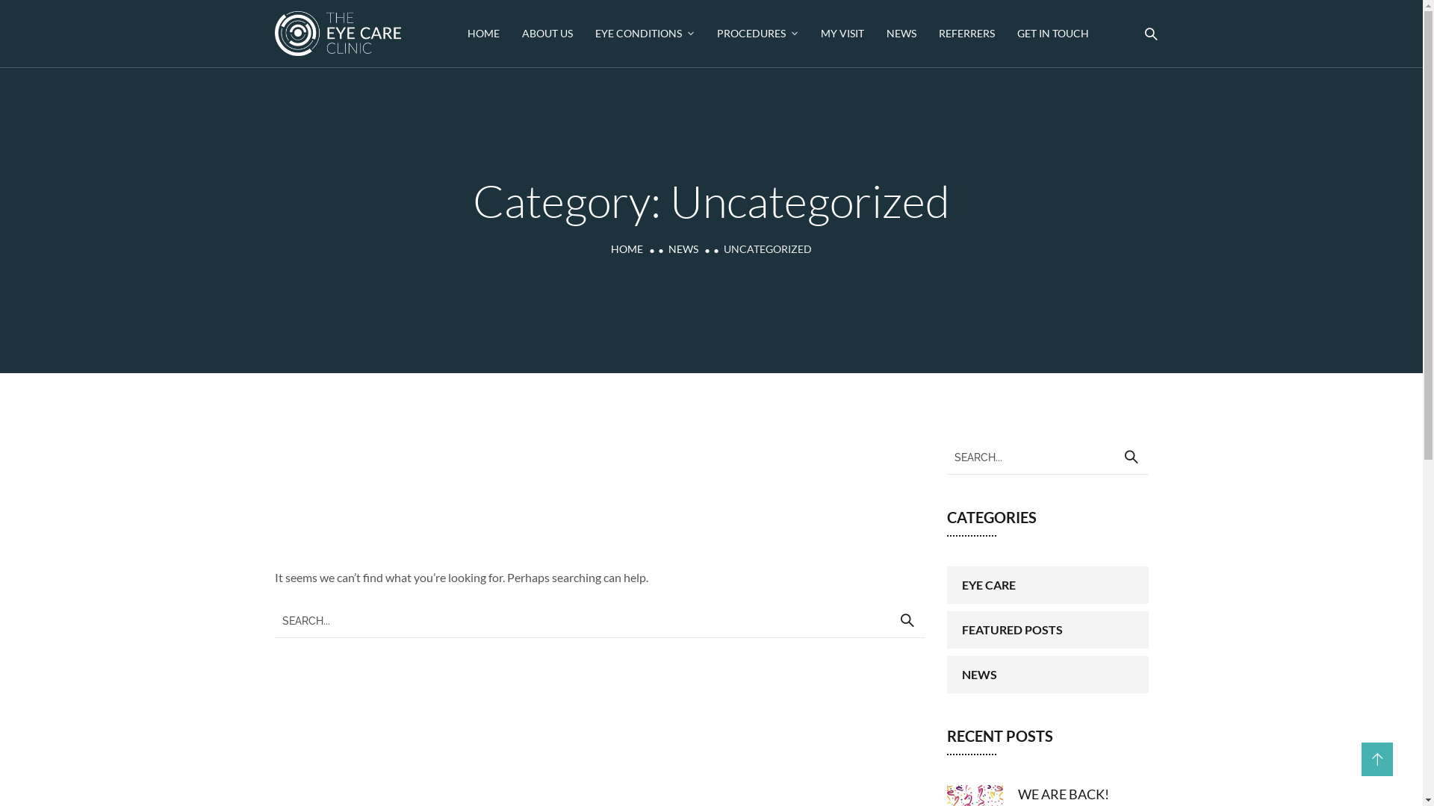 The width and height of the screenshot is (1434, 806). I want to click on 'FEATURED POSTS', so click(946, 630).